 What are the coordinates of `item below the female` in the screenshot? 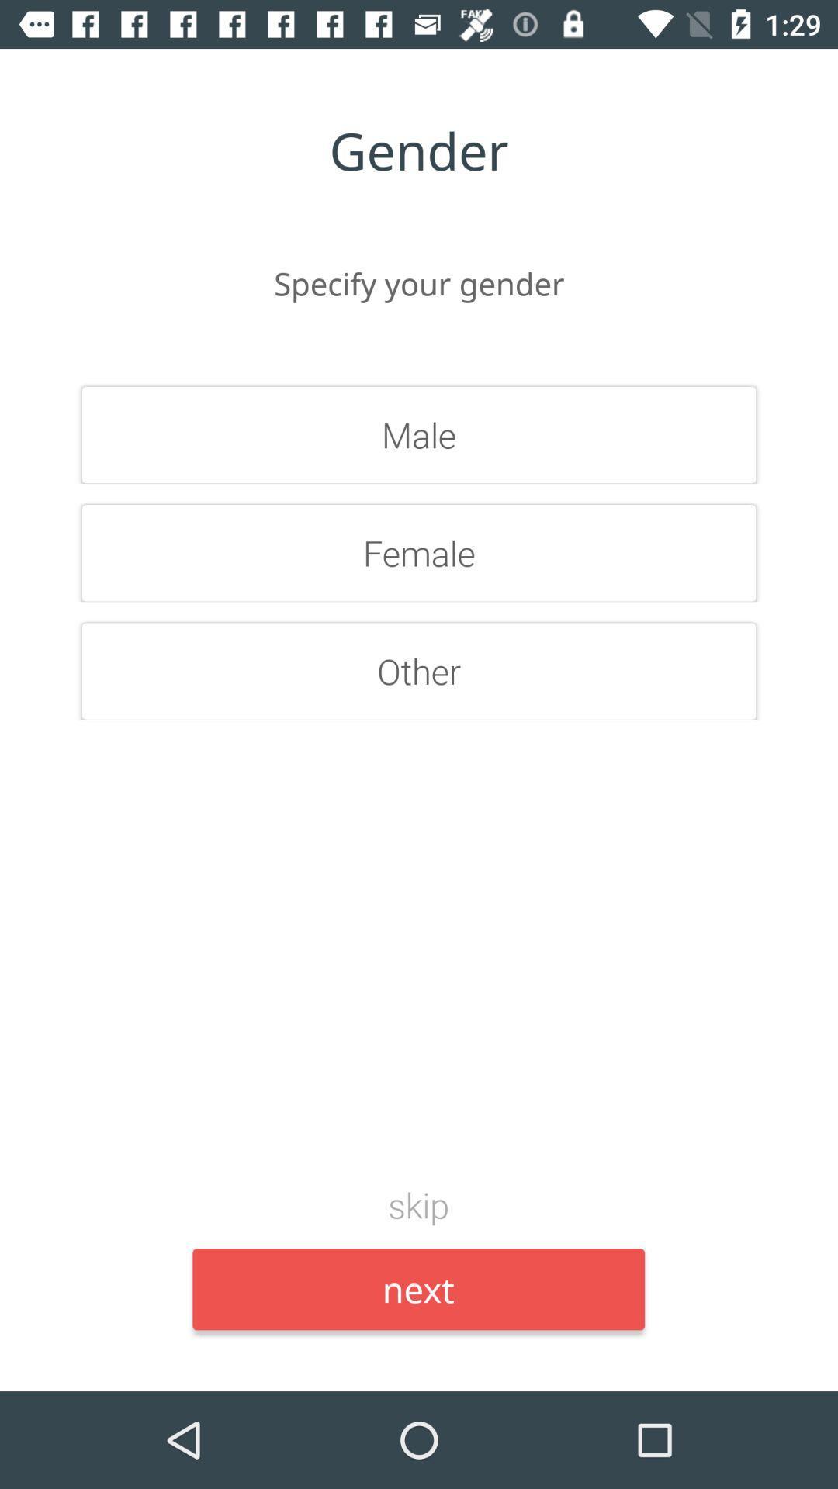 It's located at (419, 671).